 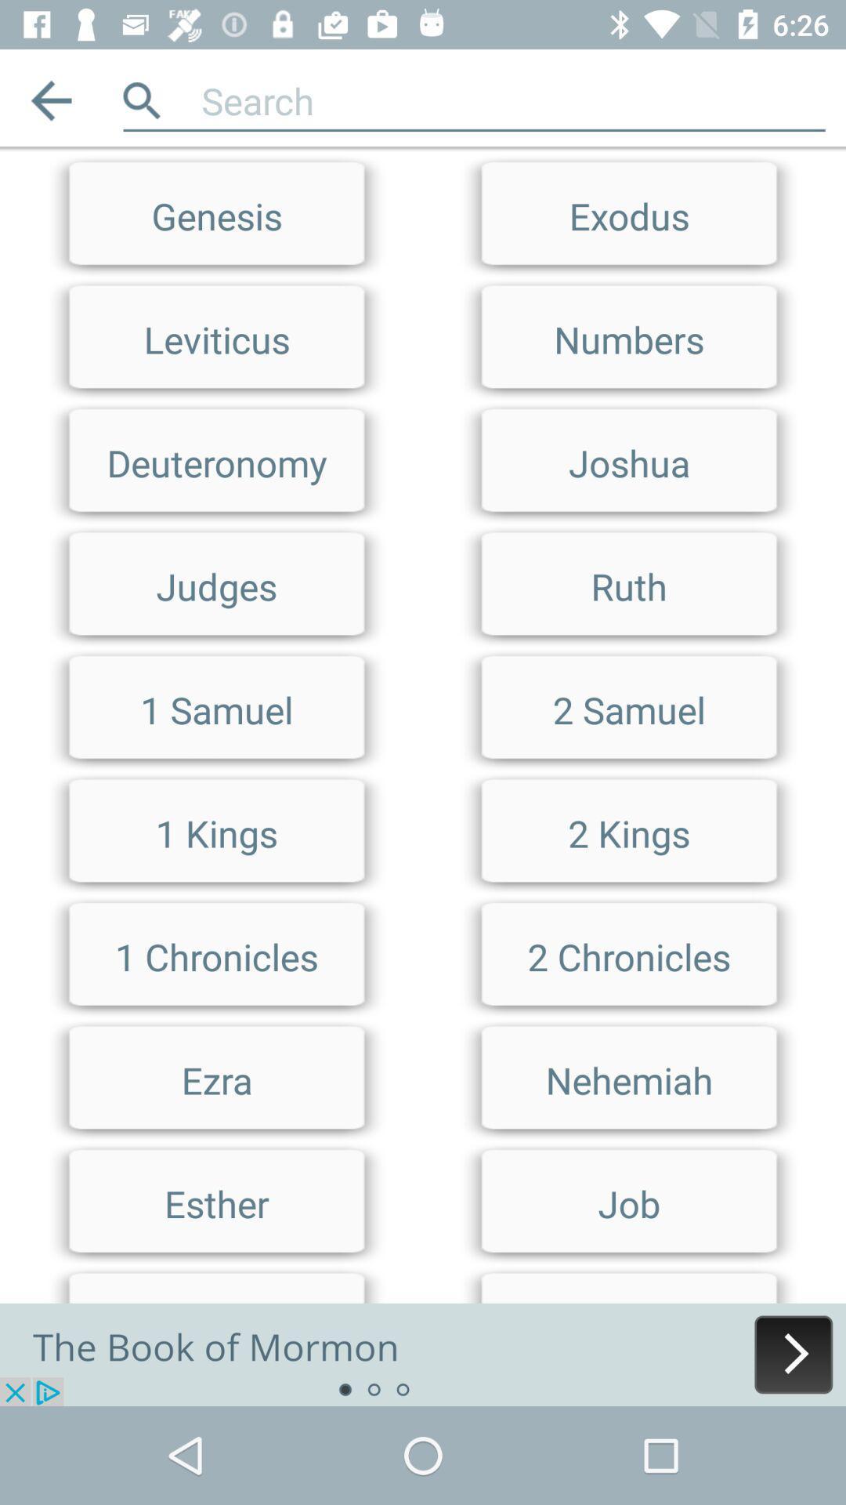 I want to click on share the article, so click(x=423, y=1354).